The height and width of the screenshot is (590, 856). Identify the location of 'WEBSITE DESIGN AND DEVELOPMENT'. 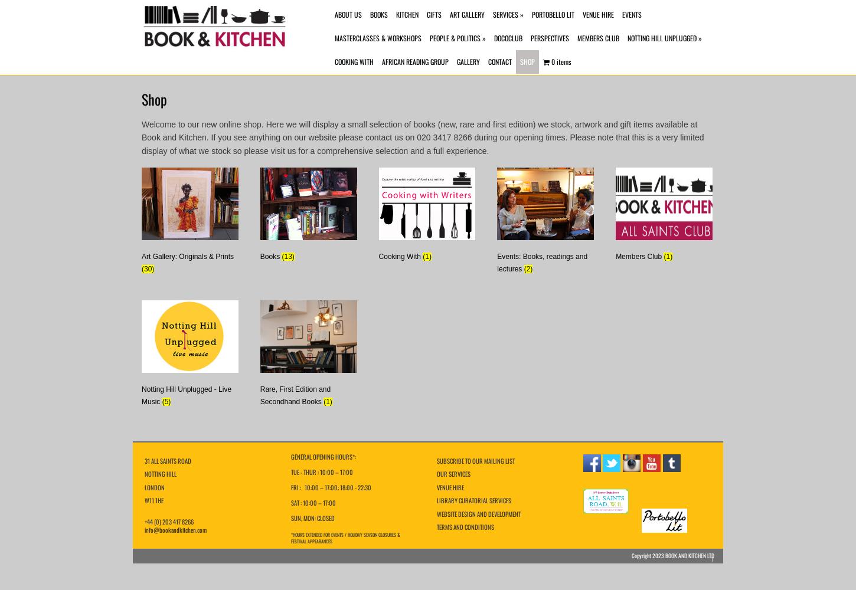
(478, 513).